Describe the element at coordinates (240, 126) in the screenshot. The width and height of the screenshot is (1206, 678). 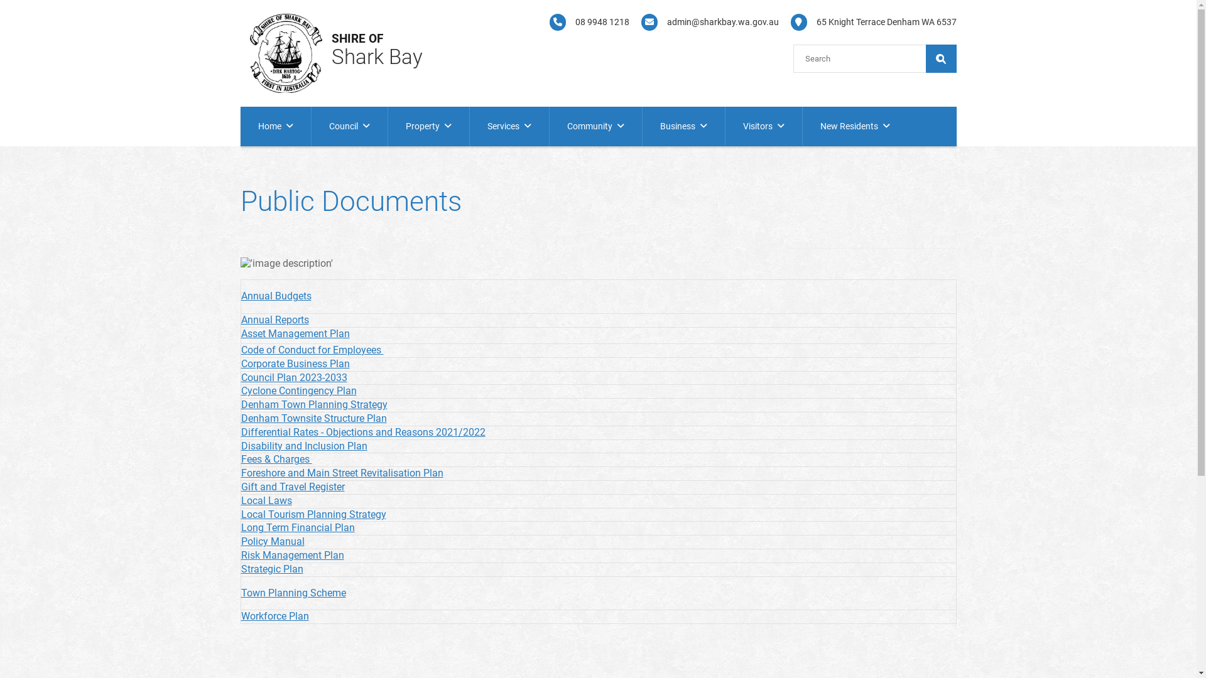
I see `'Home'` at that location.